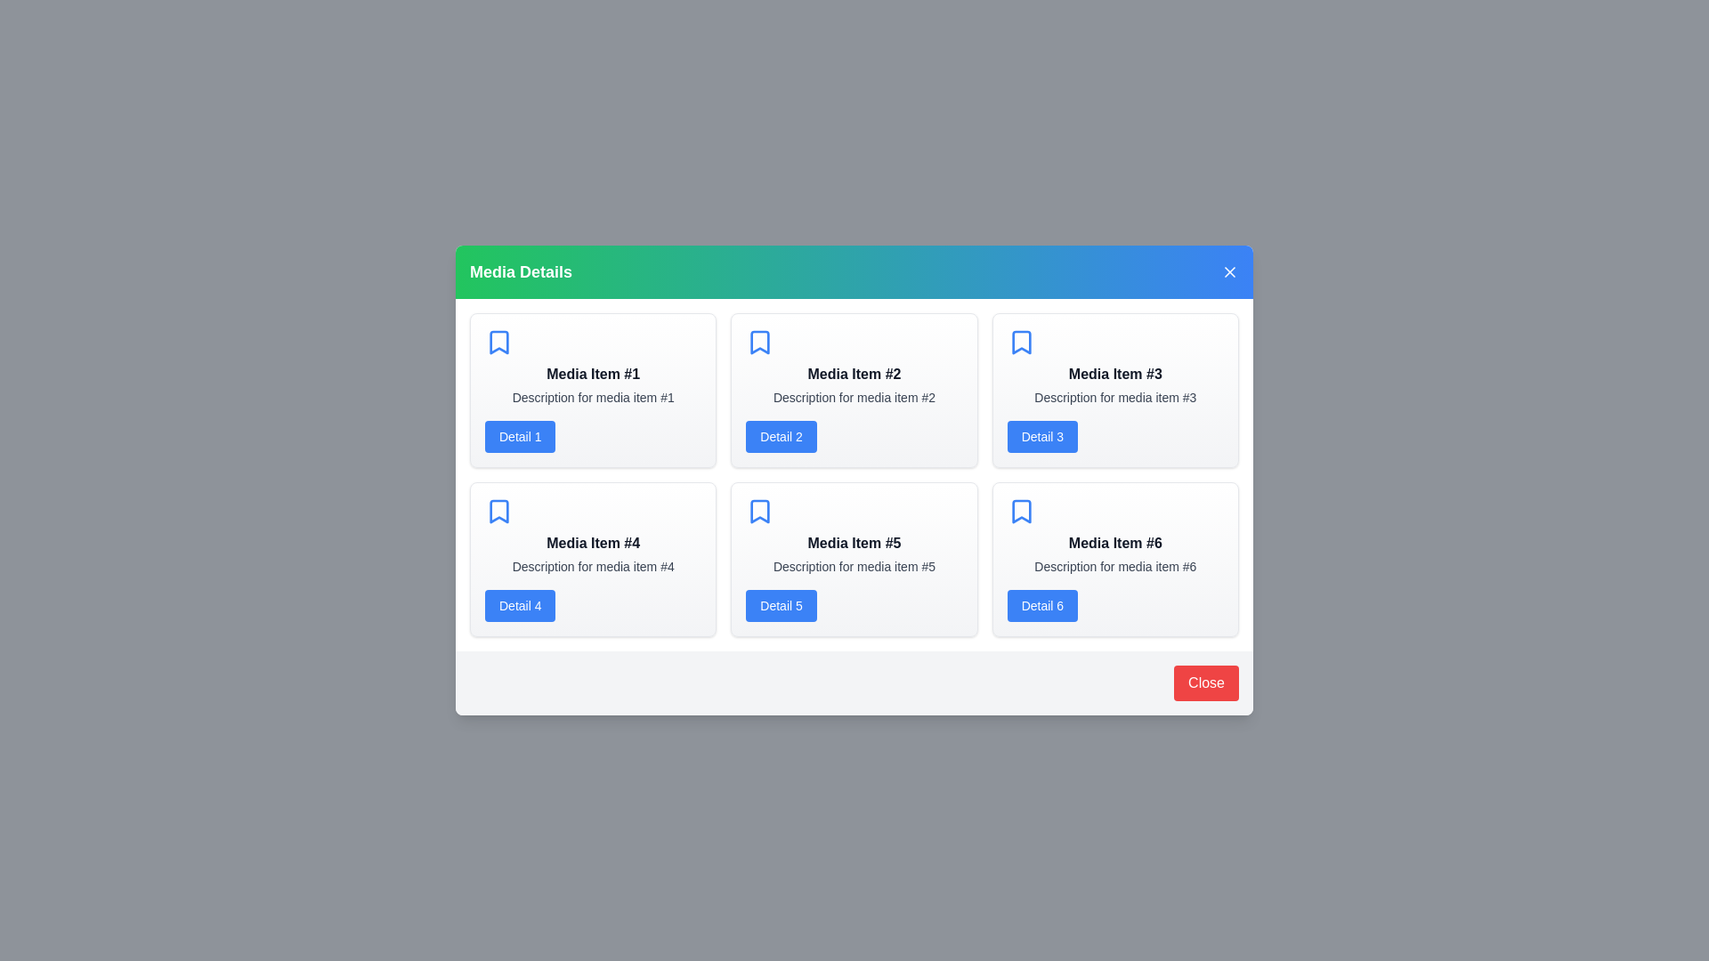 The width and height of the screenshot is (1709, 961). Describe the element at coordinates (1205, 682) in the screenshot. I see `the 'Close' button to close the dialog` at that location.